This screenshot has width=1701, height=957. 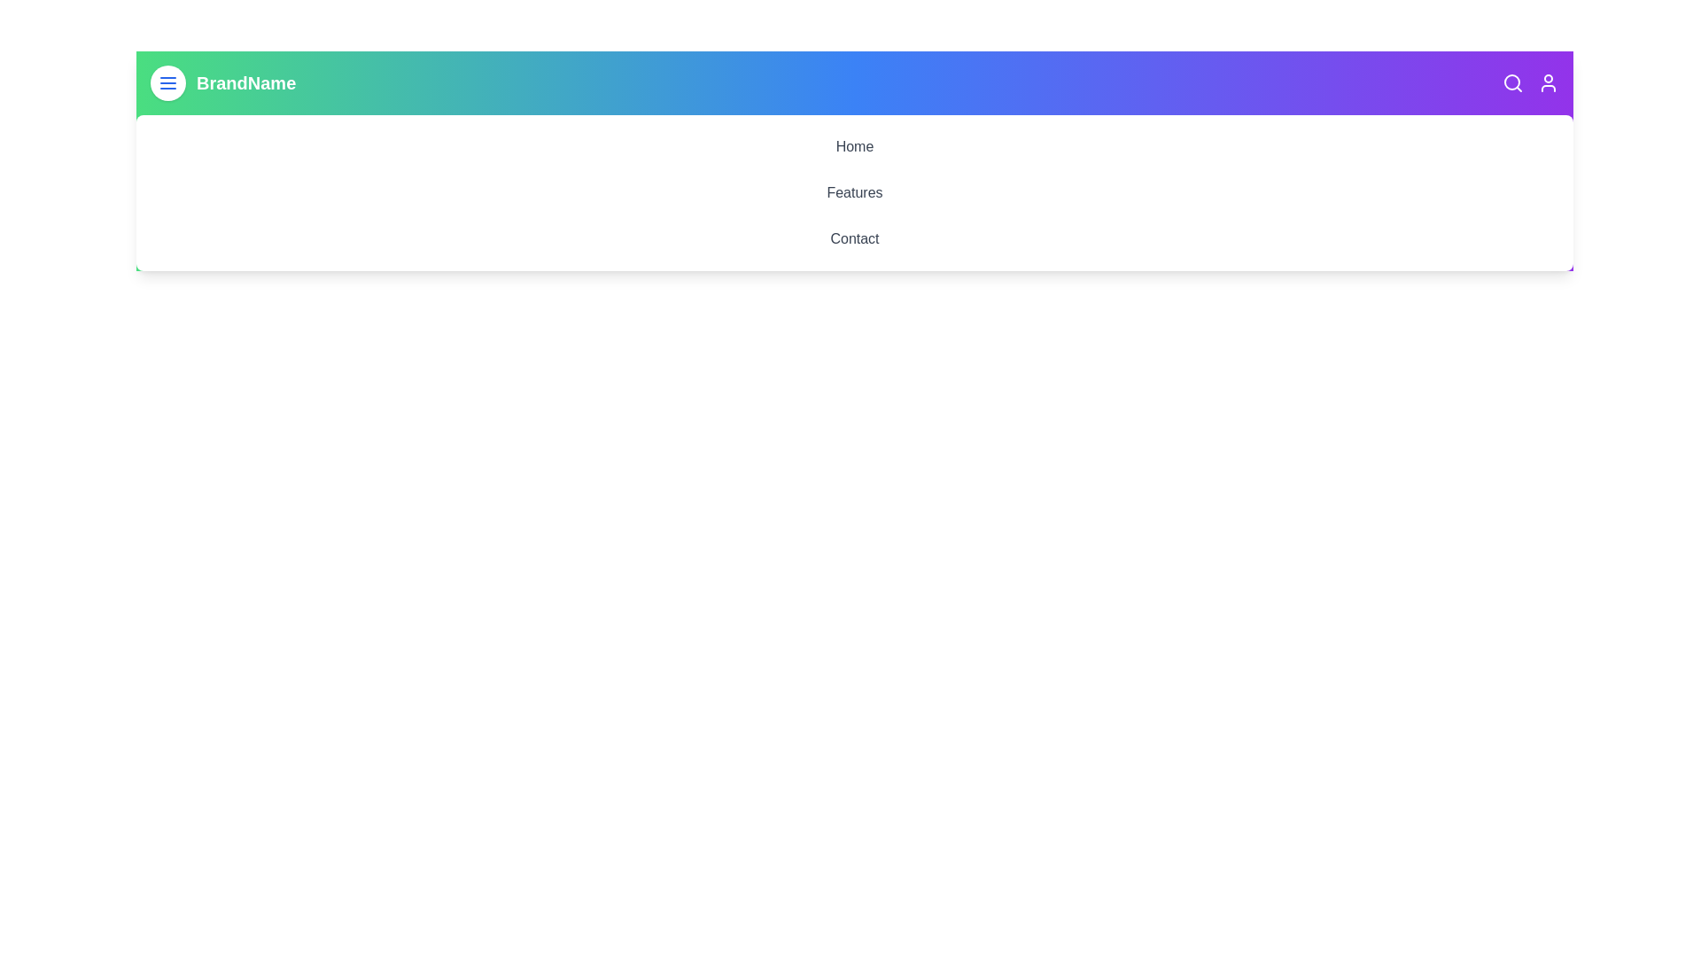 I want to click on the 'BrandName' text to focus or select it, so click(x=245, y=82).